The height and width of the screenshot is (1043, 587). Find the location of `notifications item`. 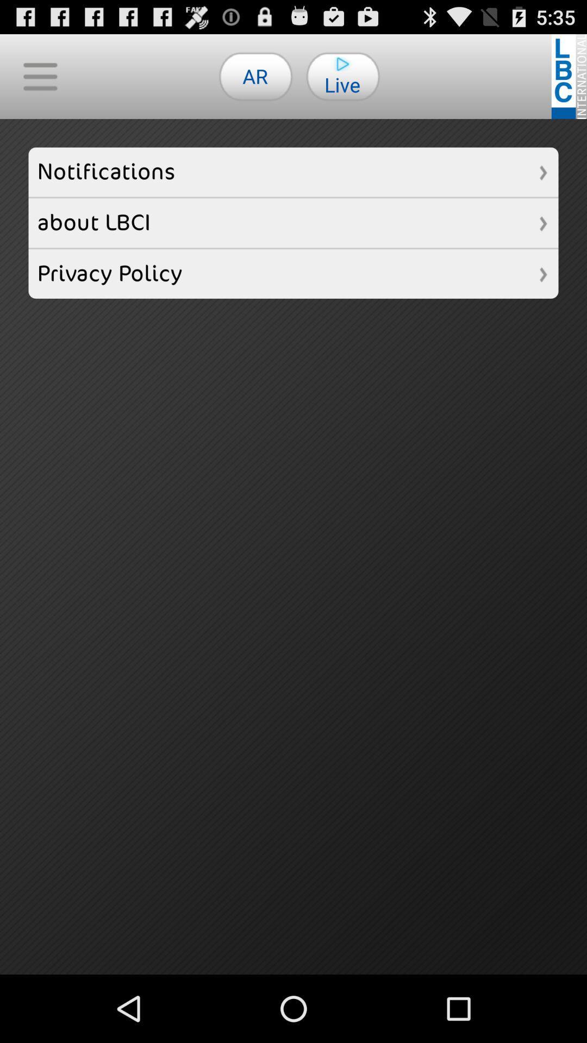

notifications item is located at coordinates (293, 171).